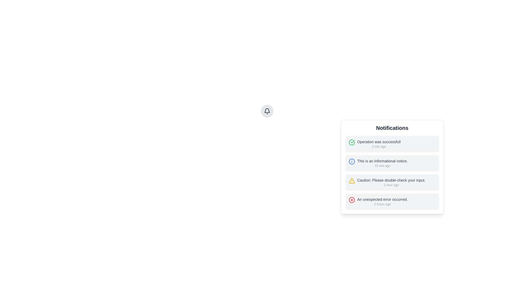 The image size is (513, 288). Describe the element at coordinates (352, 142) in the screenshot. I see `the success status indicator icon located in the notification card` at that location.